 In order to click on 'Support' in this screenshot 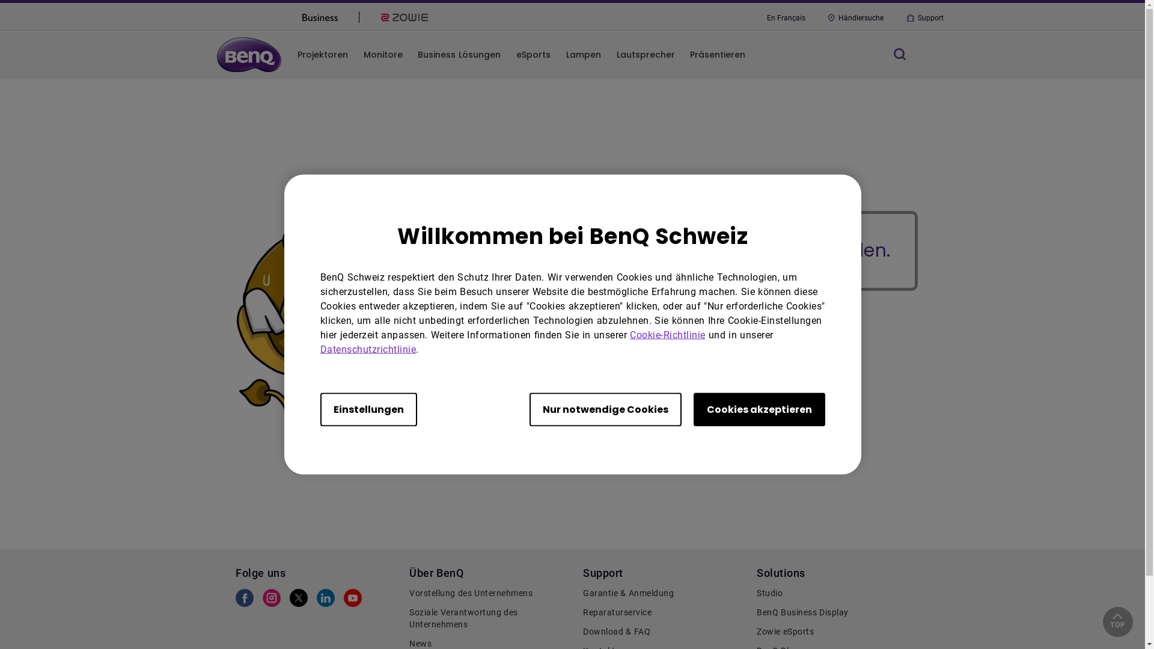, I will do `click(903, 18)`.